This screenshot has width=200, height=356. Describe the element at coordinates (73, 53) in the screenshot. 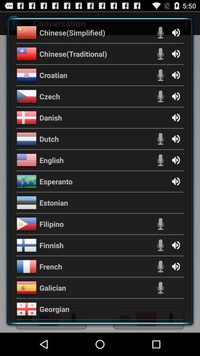

I see `app above the croatian icon` at that location.